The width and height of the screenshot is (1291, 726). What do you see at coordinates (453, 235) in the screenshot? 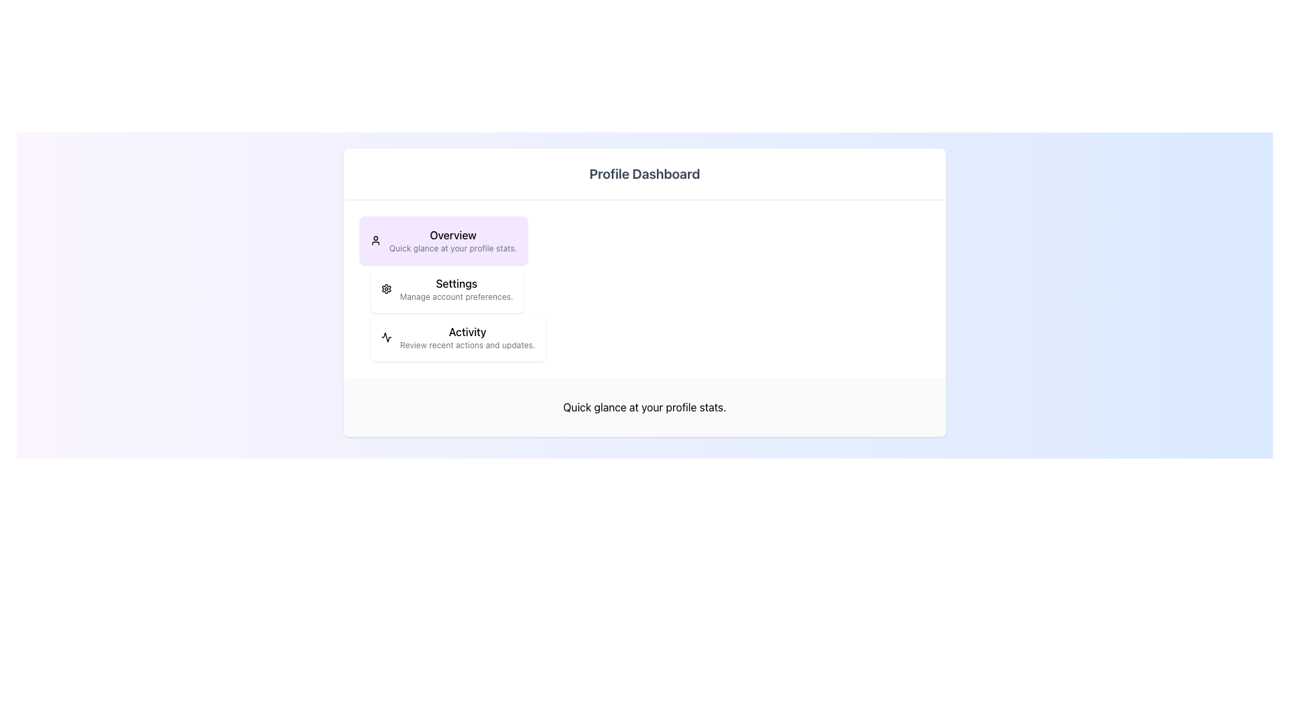
I see `the text label that serves as a heading for the user's profile statistics, located in the upper-left section of the main content area` at bounding box center [453, 235].